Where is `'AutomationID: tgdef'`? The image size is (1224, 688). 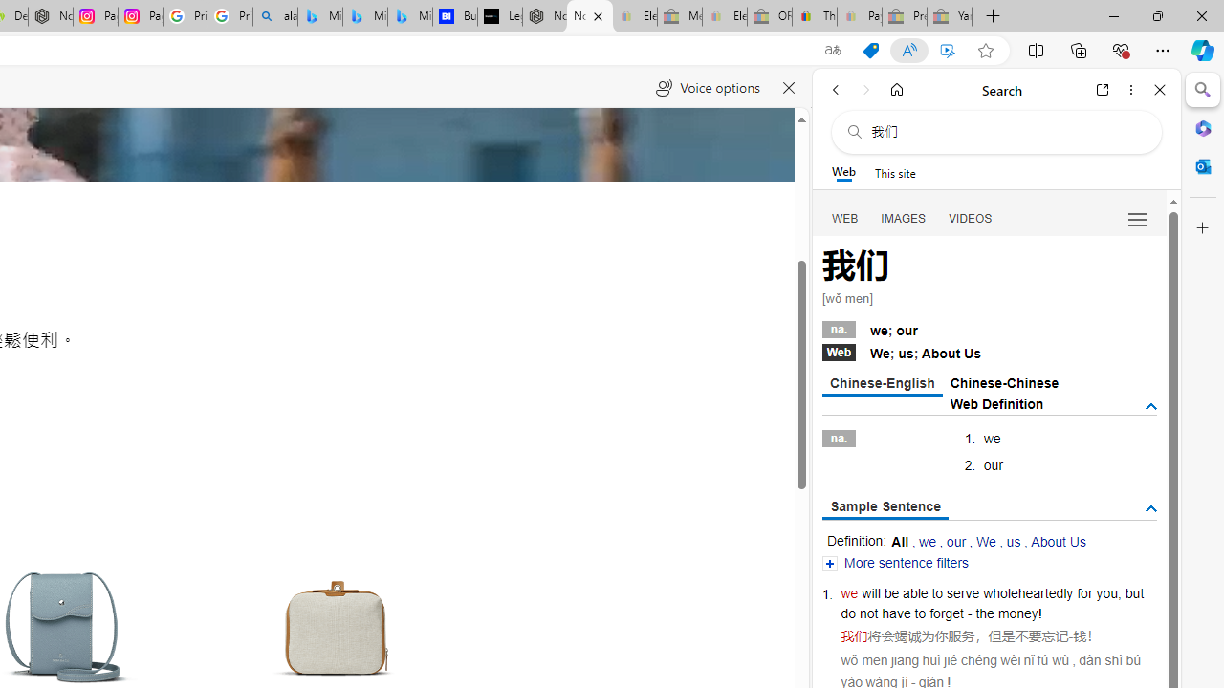
'AutomationID: tgdef' is located at coordinates (1149, 405).